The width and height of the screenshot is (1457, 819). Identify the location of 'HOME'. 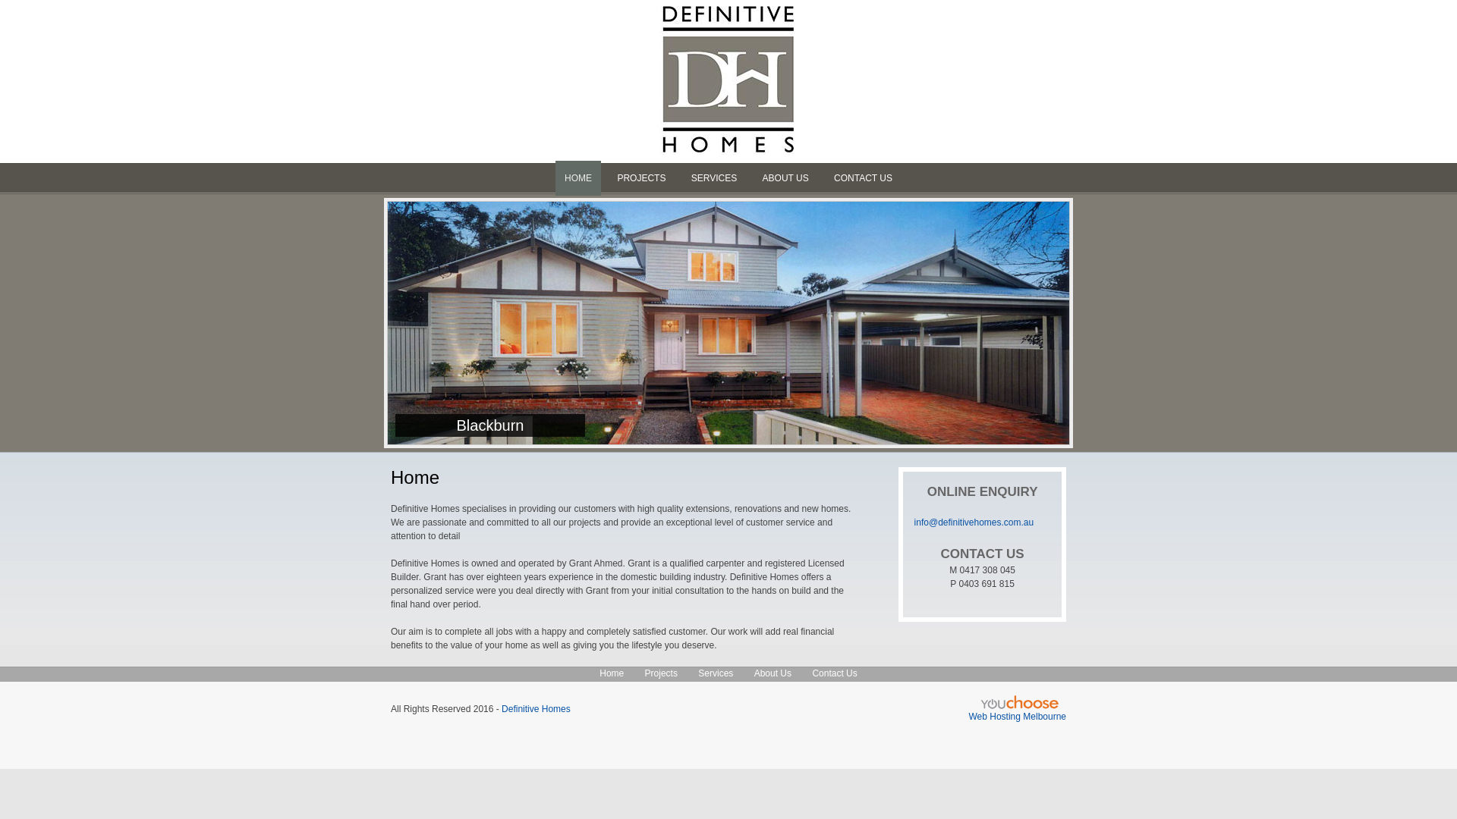
(577, 177).